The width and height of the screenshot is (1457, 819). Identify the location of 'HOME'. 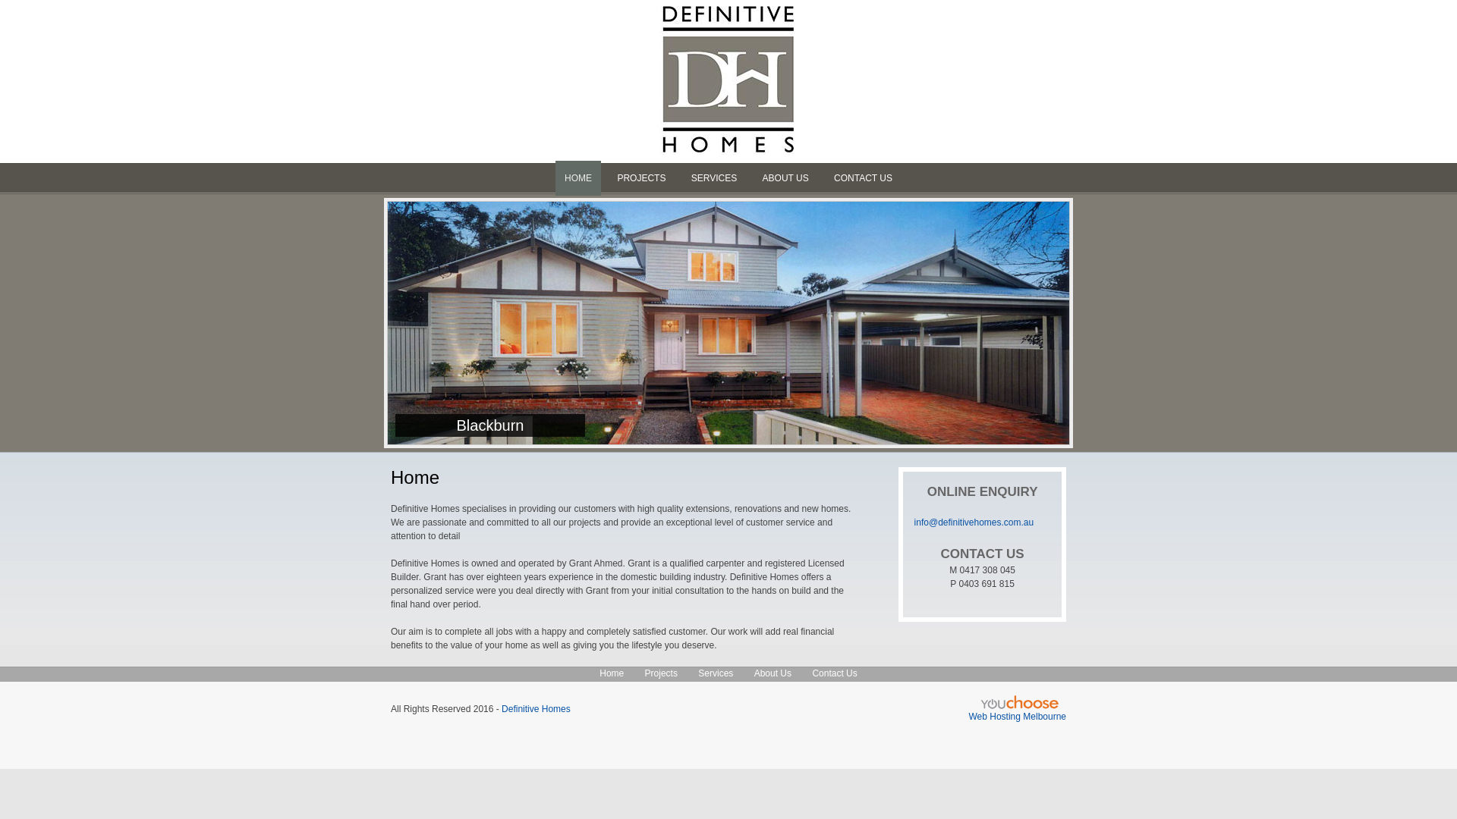
(577, 177).